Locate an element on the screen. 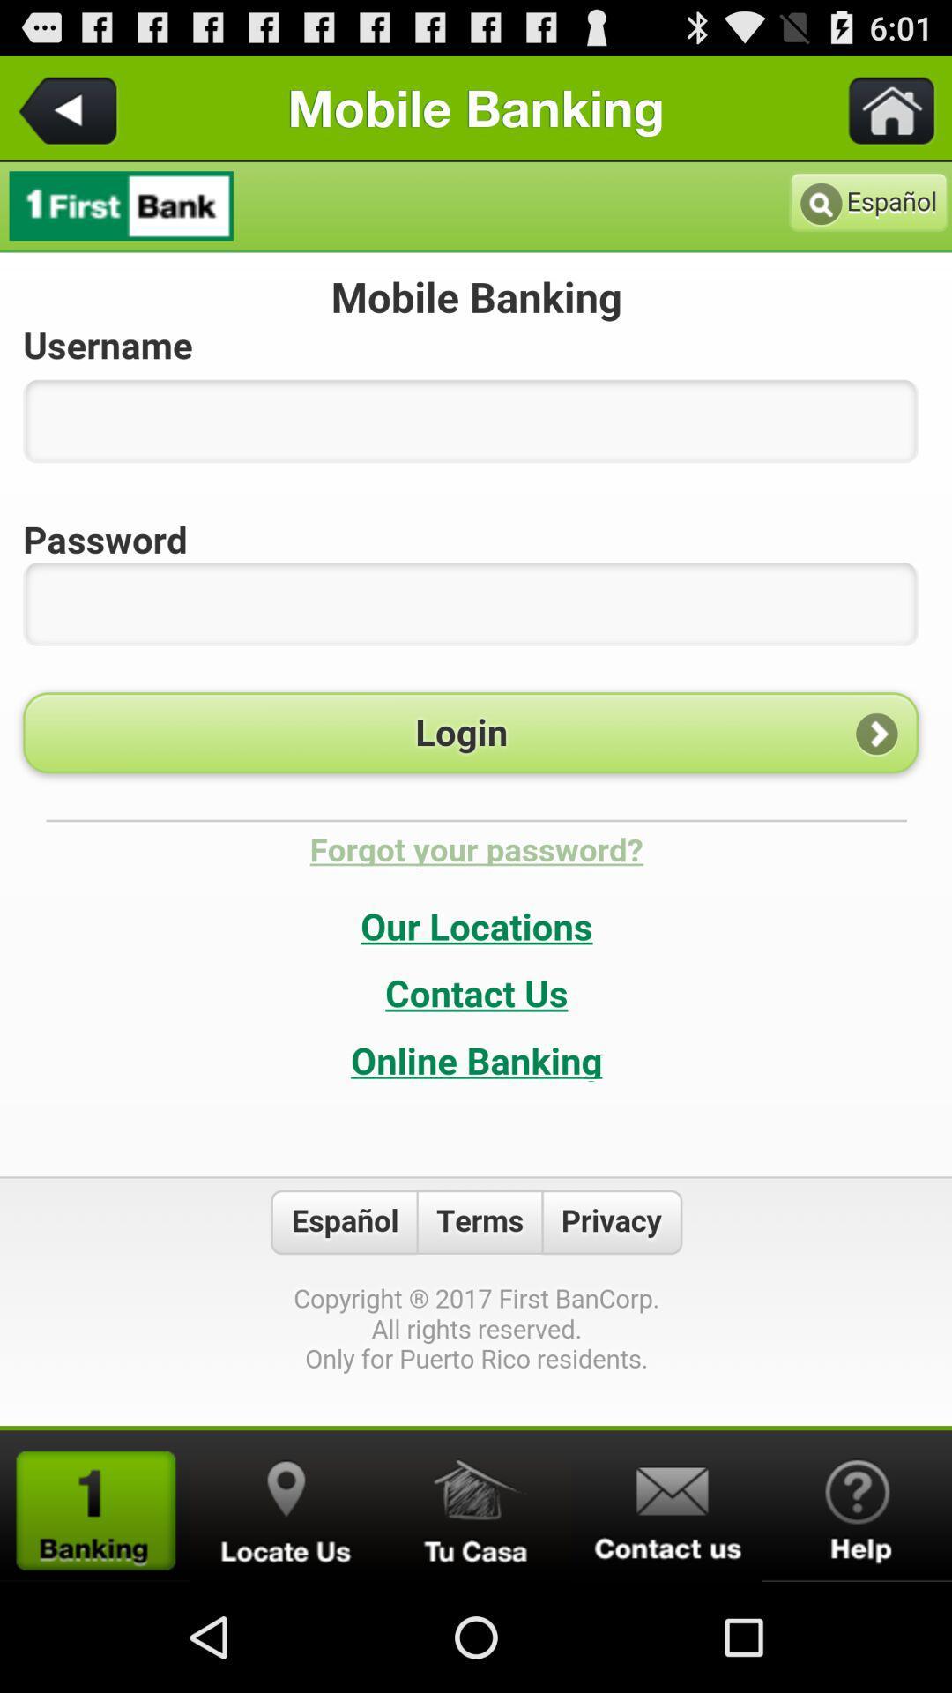 Image resolution: width=952 pixels, height=1693 pixels. open new area is located at coordinates (95, 1505).